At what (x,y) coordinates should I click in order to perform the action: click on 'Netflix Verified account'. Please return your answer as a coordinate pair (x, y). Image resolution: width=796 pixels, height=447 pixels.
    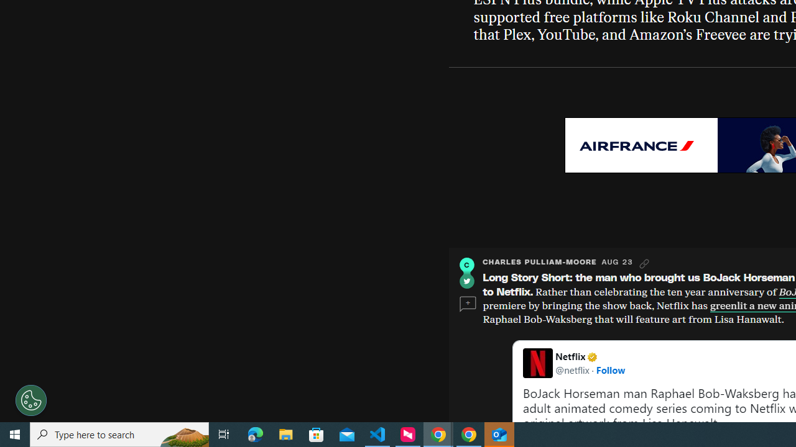
    Looking at the image, I should click on (590, 356).